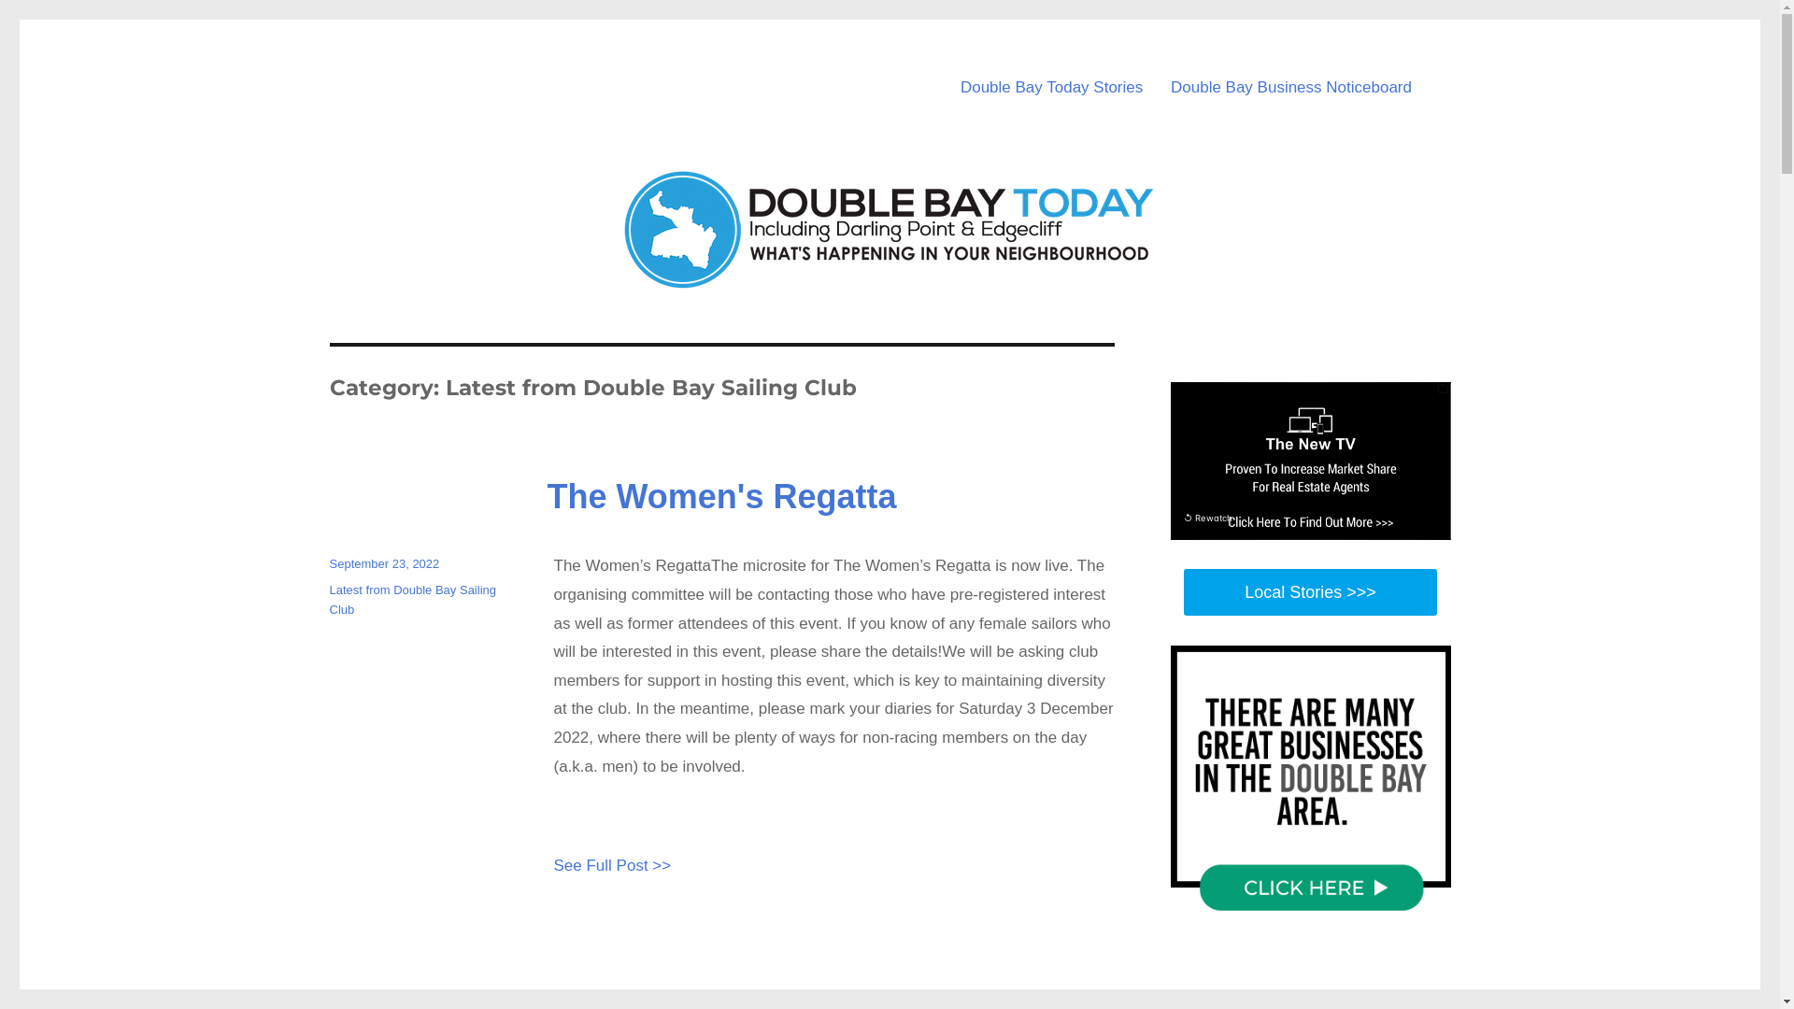 The image size is (1794, 1009). Describe the element at coordinates (1051, 88) in the screenshot. I see `'Double Bay Today Stories'` at that location.